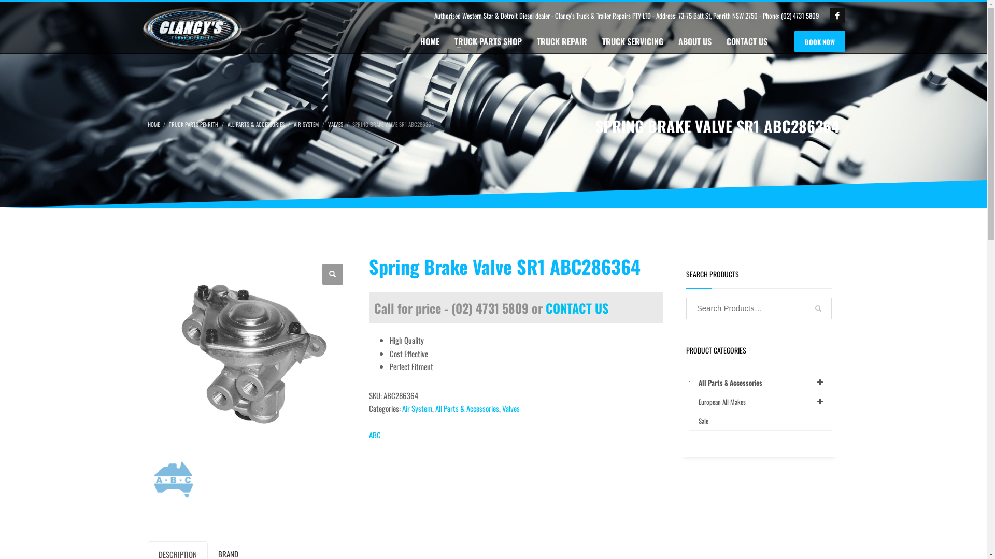  Describe the element at coordinates (417, 408) in the screenshot. I see `'Air System'` at that location.